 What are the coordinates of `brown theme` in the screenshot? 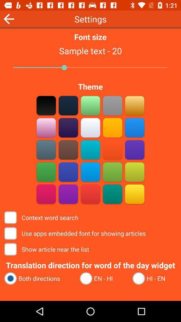 It's located at (68, 105).